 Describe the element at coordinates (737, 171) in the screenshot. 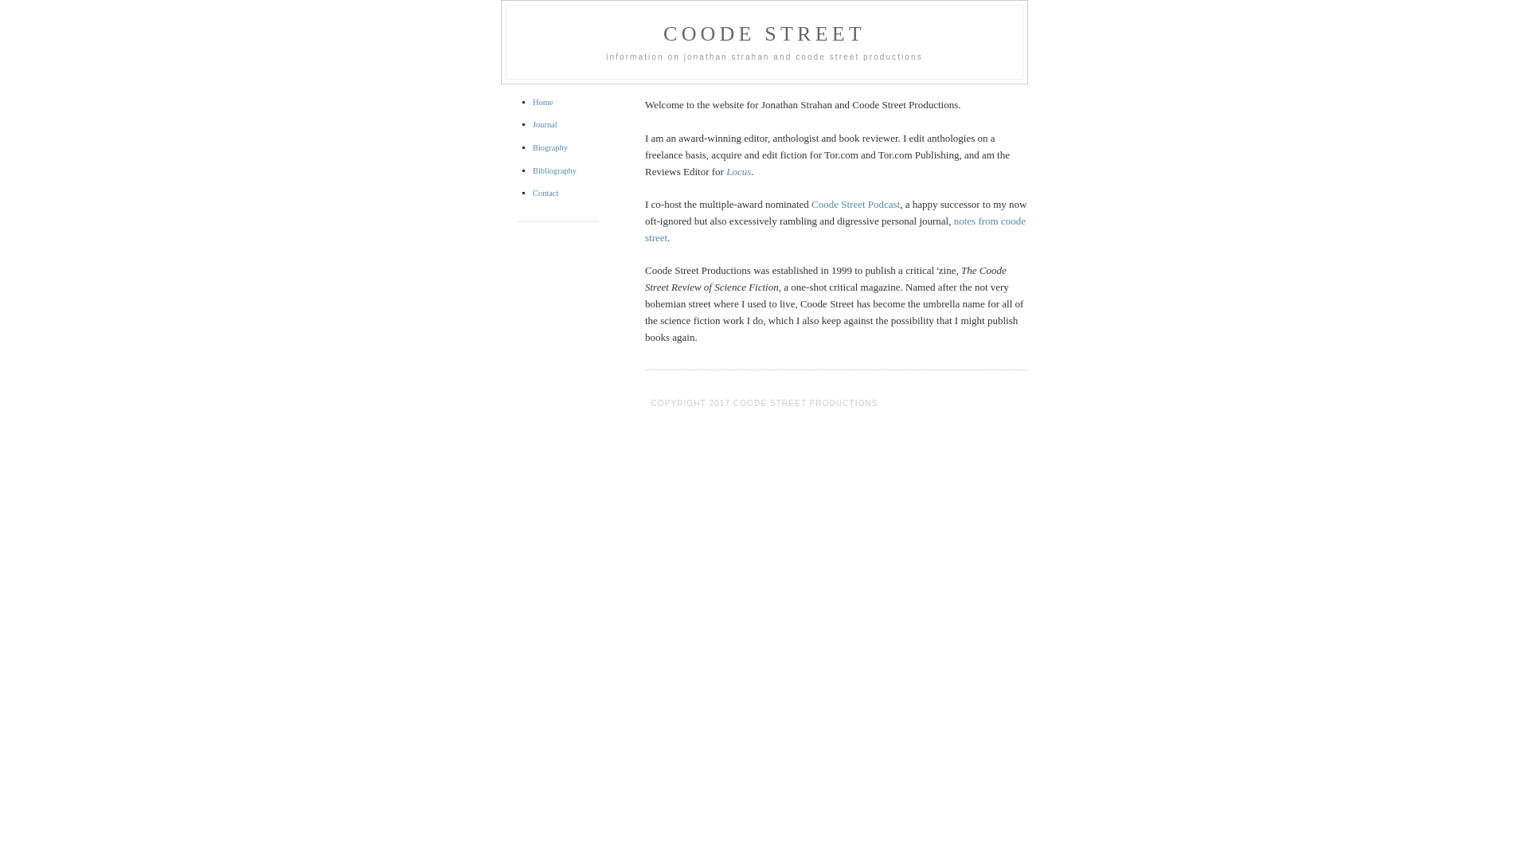

I see `'Locus'` at that location.